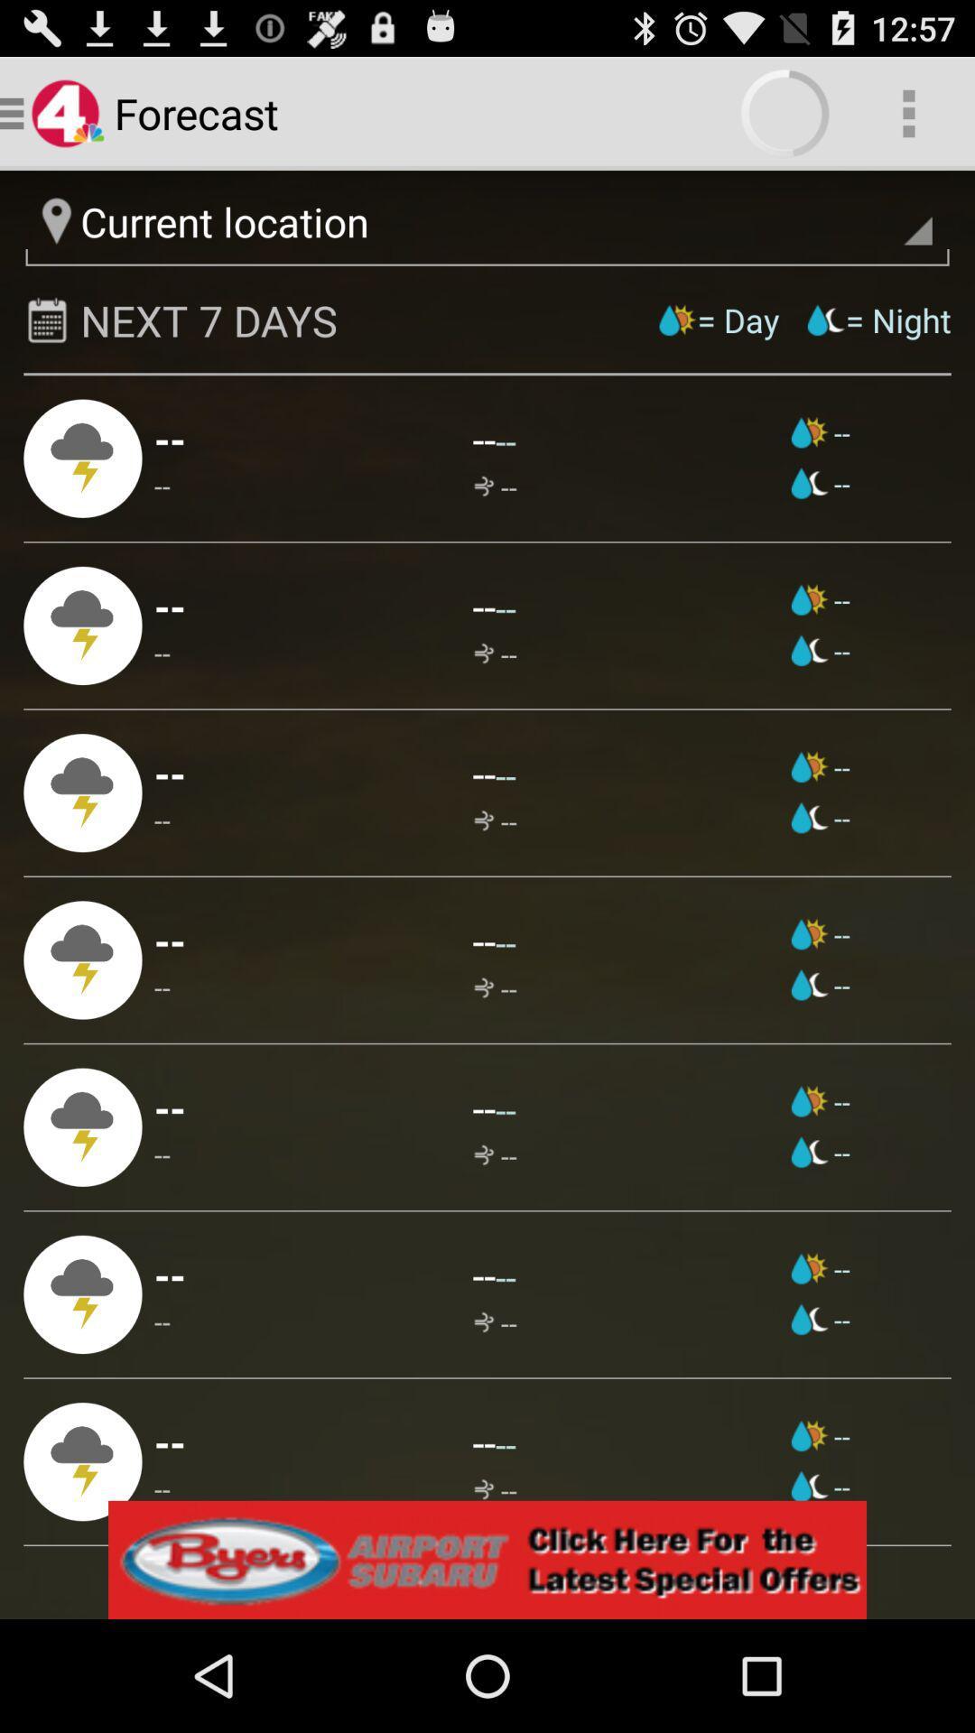 This screenshot has width=975, height=1733. Describe the element at coordinates (495, 820) in the screenshot. I see `icon to the right of -- item` at that location.